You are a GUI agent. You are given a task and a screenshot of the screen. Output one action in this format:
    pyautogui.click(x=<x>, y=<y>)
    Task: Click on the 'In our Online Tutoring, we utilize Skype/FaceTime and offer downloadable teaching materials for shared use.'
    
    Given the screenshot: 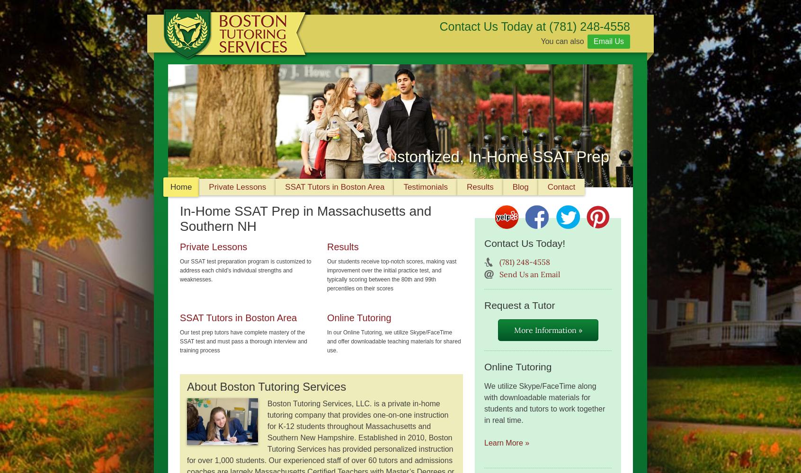 What is the action you would take?
    pyautogui.click(x=393, y=341)
    